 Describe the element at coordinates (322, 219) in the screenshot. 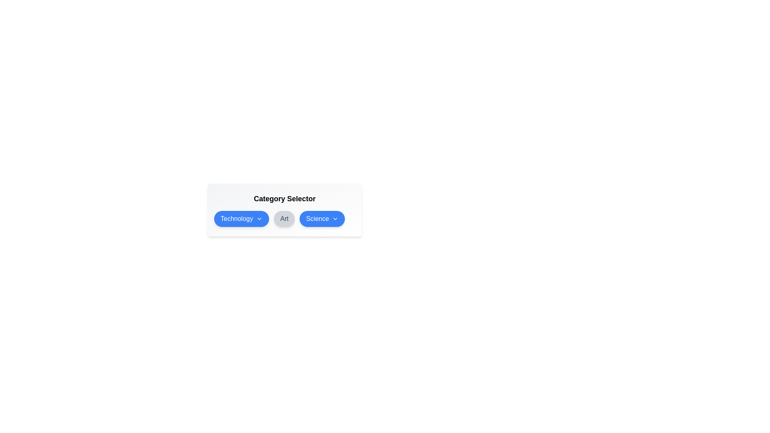

I see `the Science category to toggle its selection status` at that location.